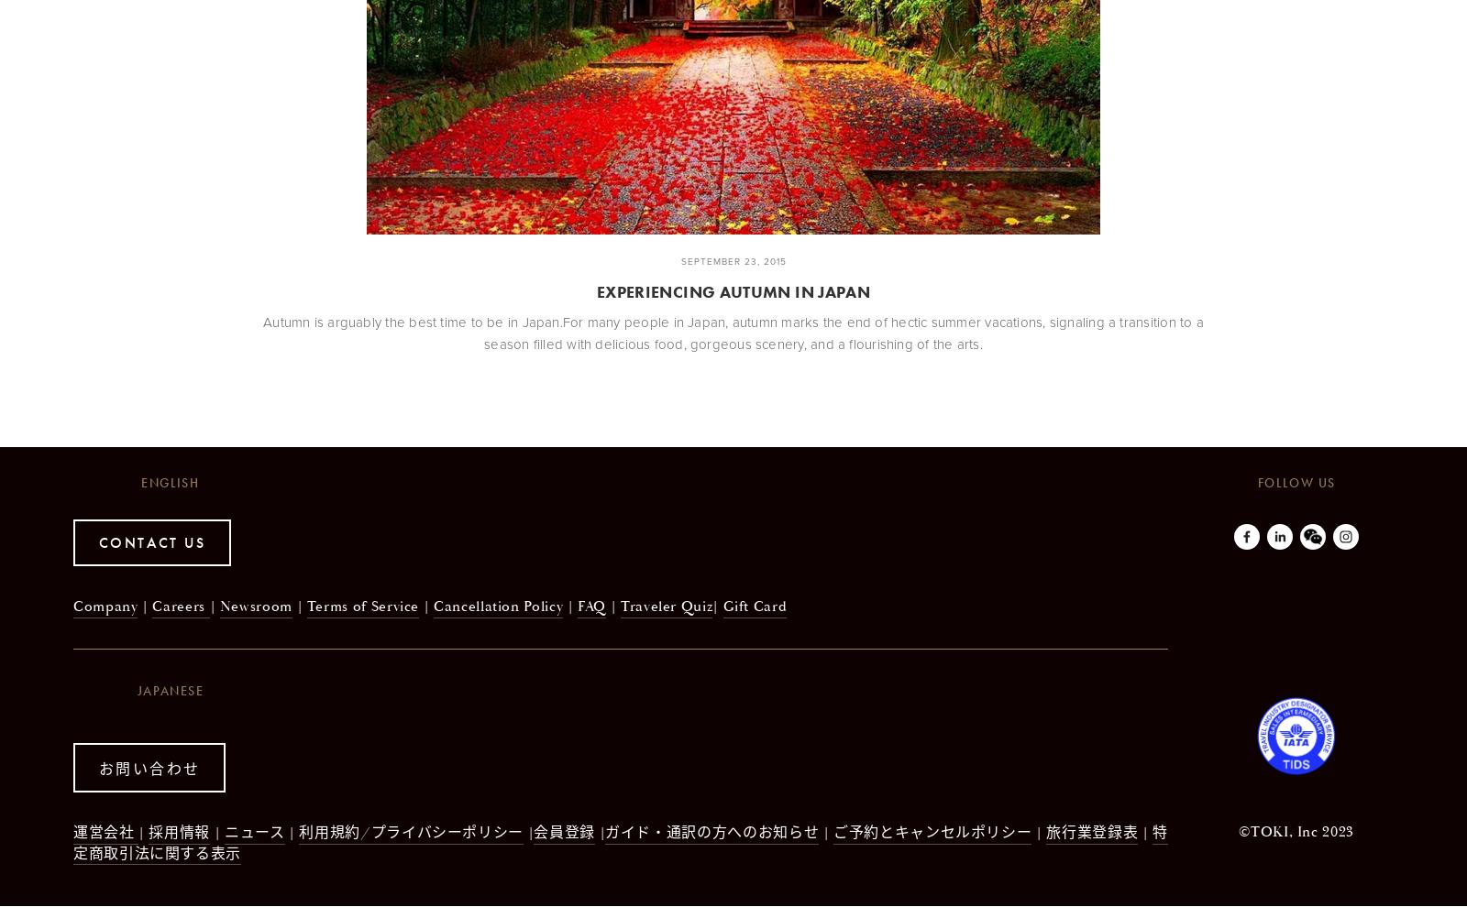 The height and width of the screenshot is (918, 1467). What do you see at coordinates (679, 260) in the screenshot?
I see `'September 23, 2015'` at bounding box center [679, 260].